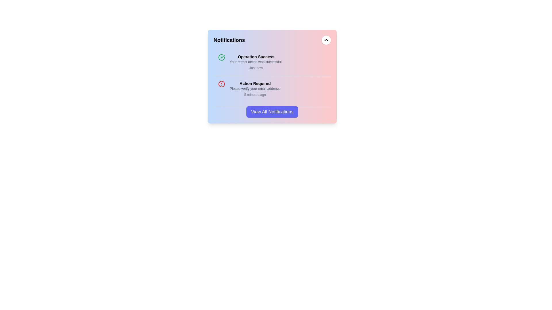 Image resolution: width=552 pixels, height=310 pixels. What do you see at coordinates (221, 84) in the screenshot?
I see `the circular indicator within the 'Action Required' notification icon, located in the lower section of the notification panel` at bounding box center [221, 84].